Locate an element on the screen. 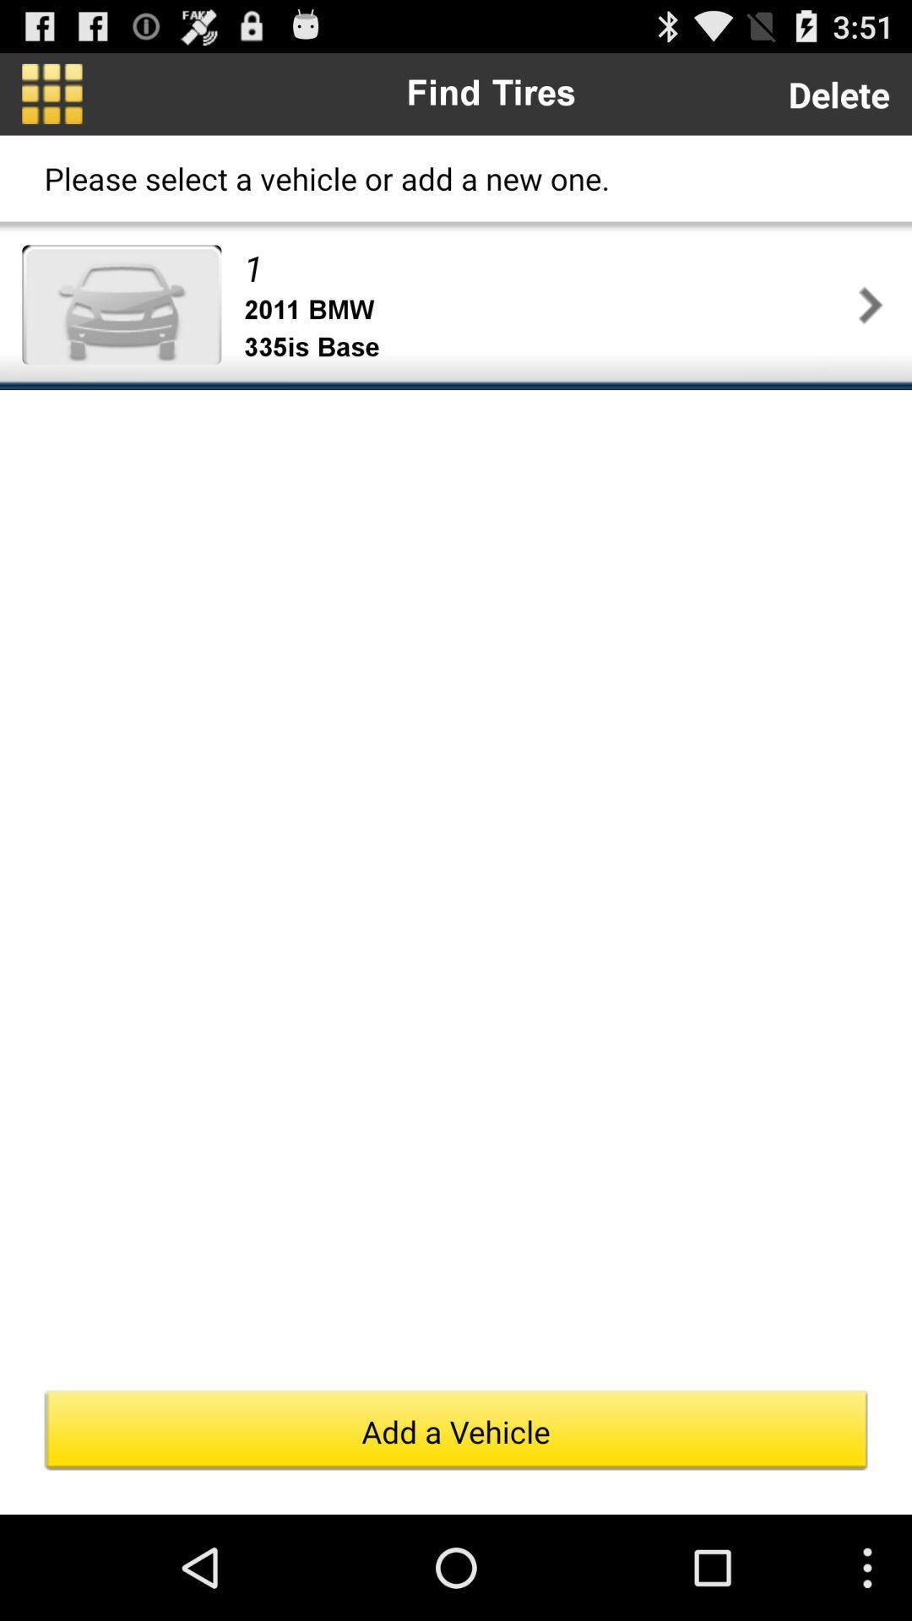 This screenshot has height=1621, width=912. item below the please select a is located at coordinates (547, 267).